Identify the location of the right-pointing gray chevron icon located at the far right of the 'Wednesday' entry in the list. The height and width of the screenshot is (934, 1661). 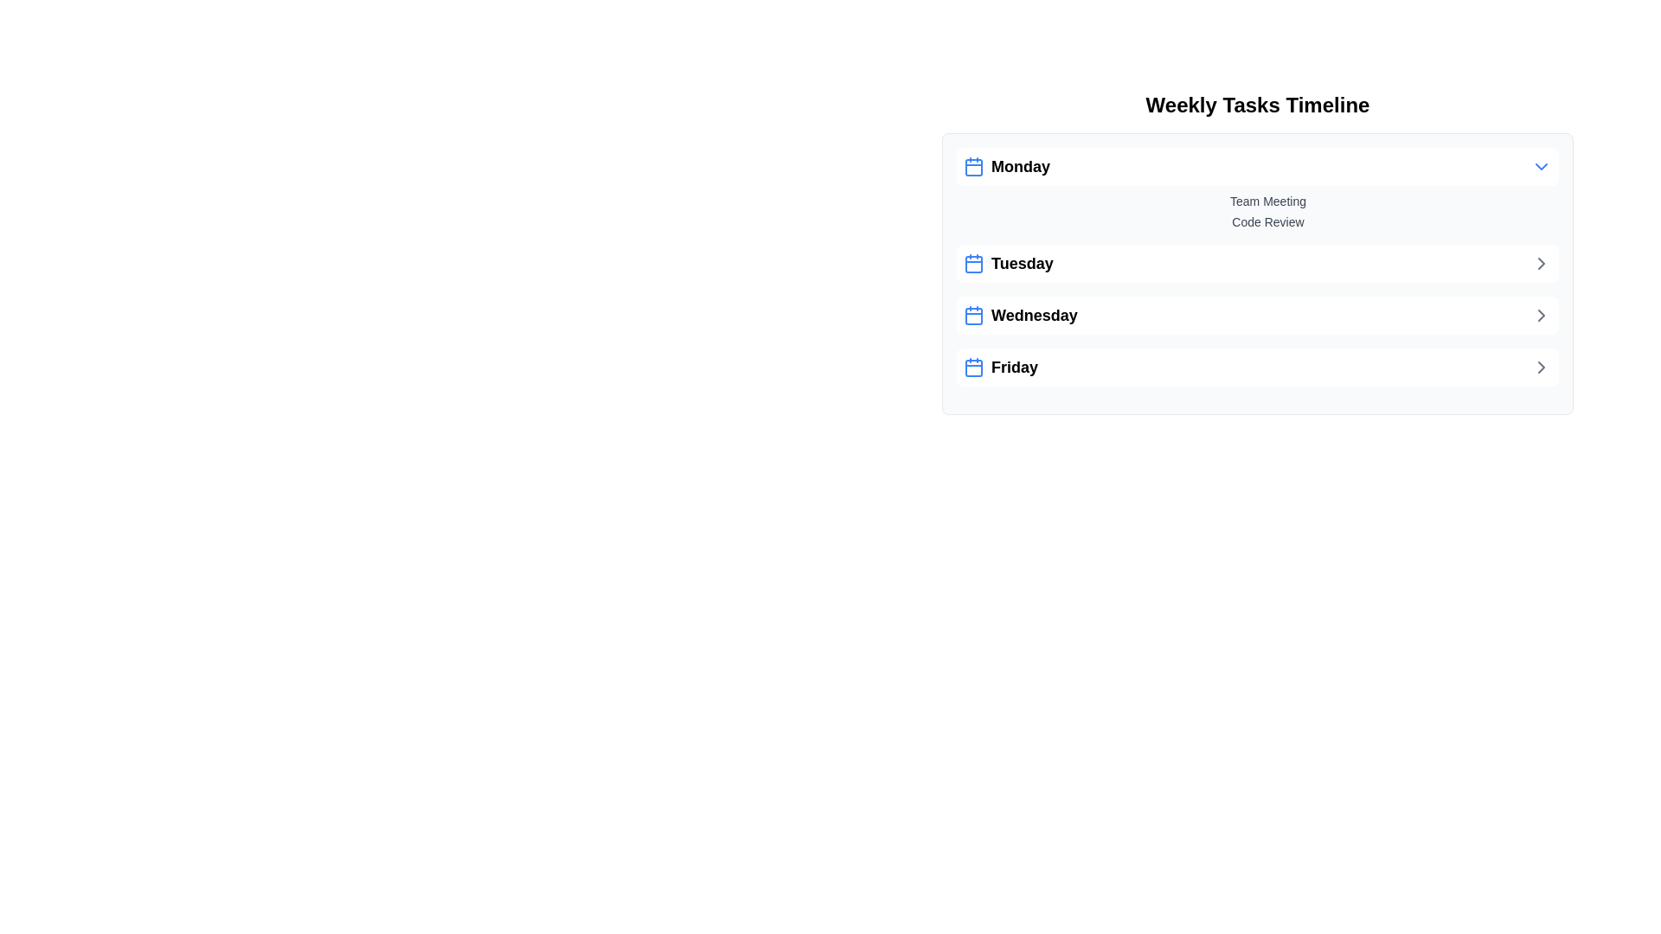
(1541, 316).